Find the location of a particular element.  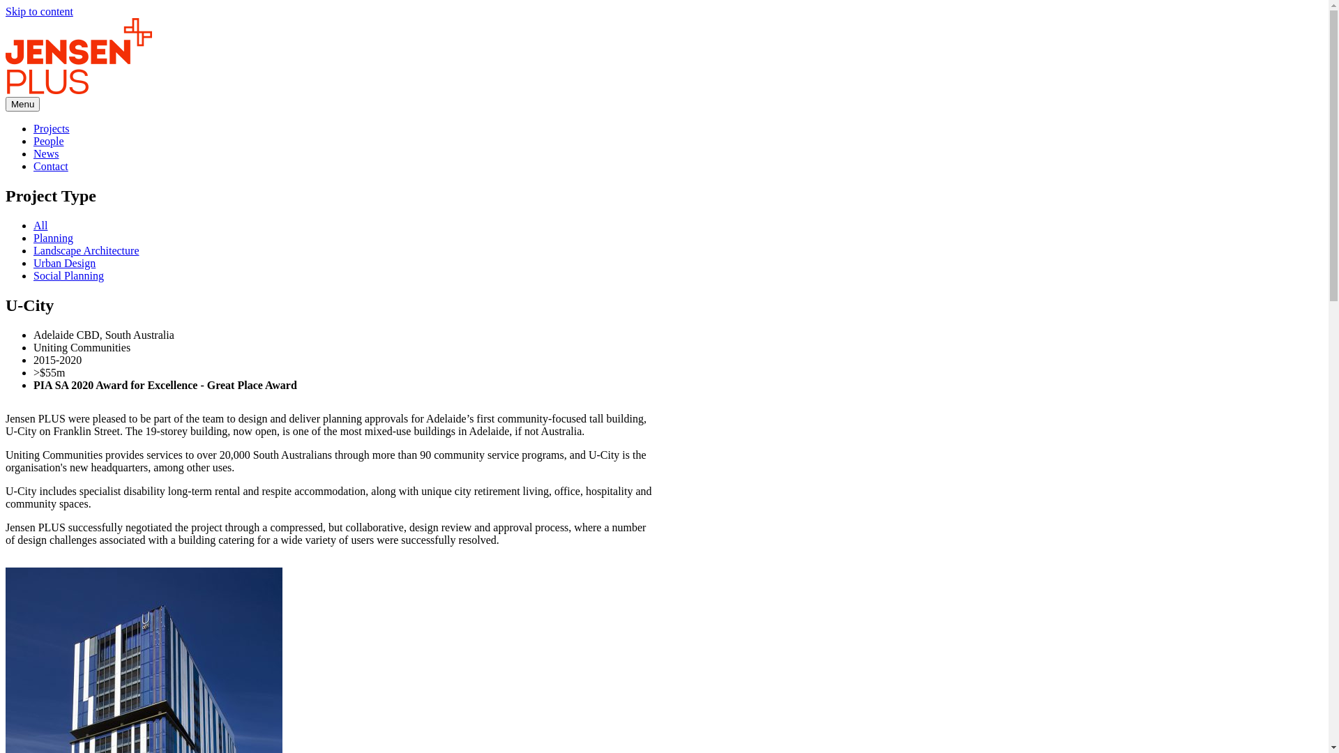

'Urban Design' is located at coordinates (33, 263).